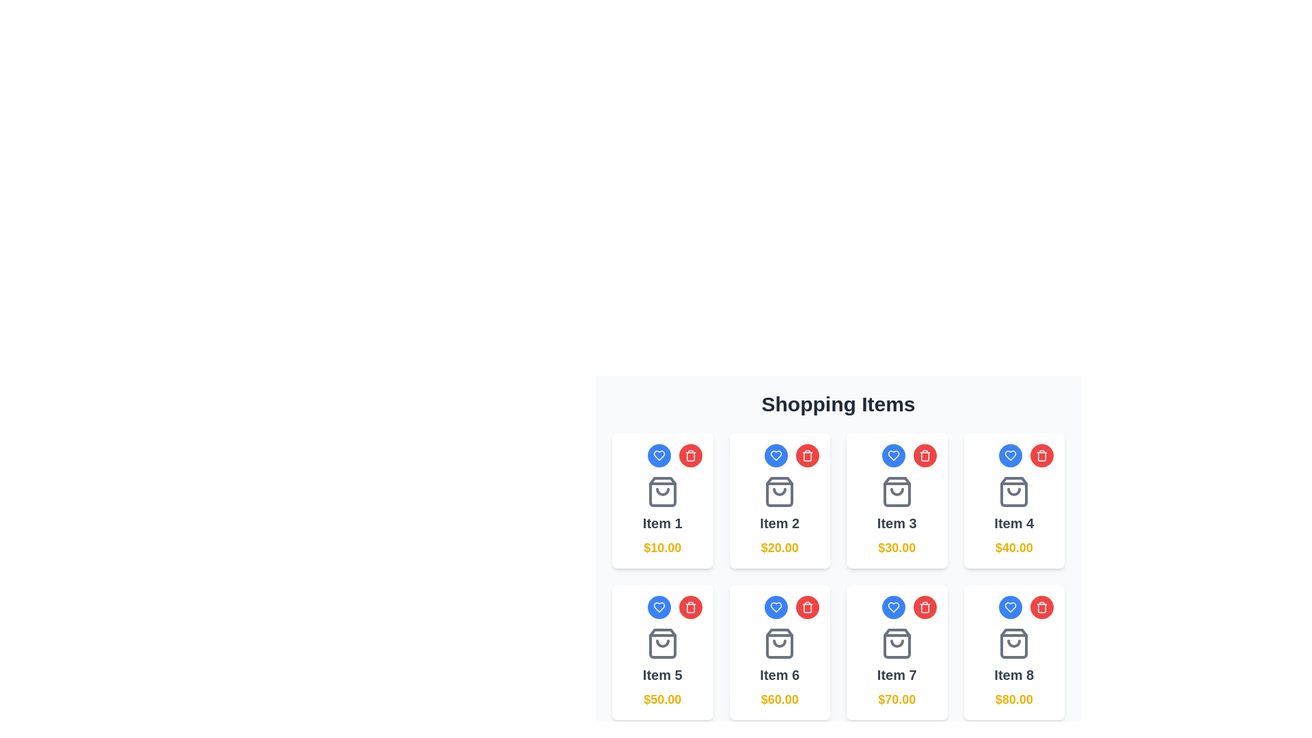 This screenshot has height=738, width=1312. I want to click on the favorite button located at the top-right of Item 7's card, so click(893, 606).